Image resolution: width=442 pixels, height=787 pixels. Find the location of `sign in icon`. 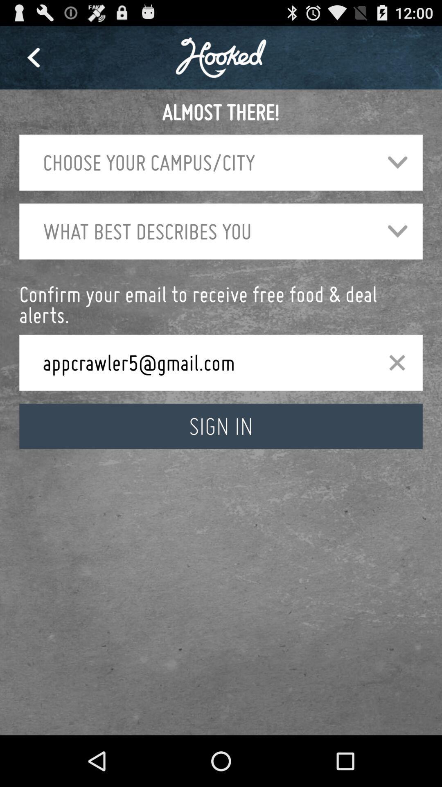

sign in icon is located at coordinates (221, 426).